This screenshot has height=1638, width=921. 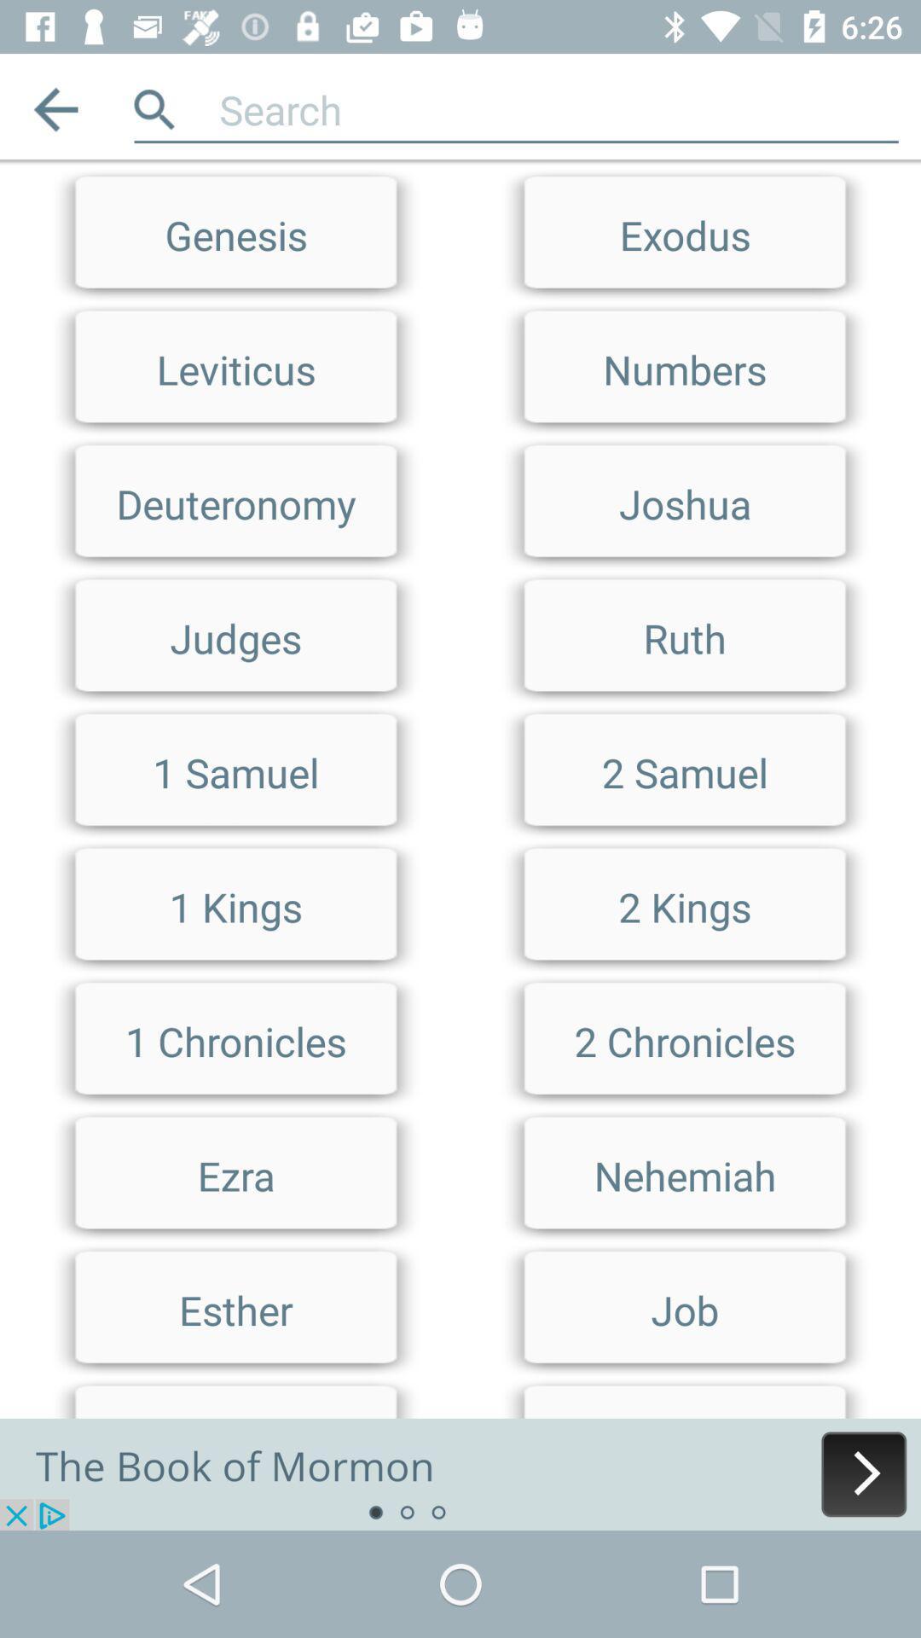 I want to click on the book of mormon, so click(x=460, y=1473).